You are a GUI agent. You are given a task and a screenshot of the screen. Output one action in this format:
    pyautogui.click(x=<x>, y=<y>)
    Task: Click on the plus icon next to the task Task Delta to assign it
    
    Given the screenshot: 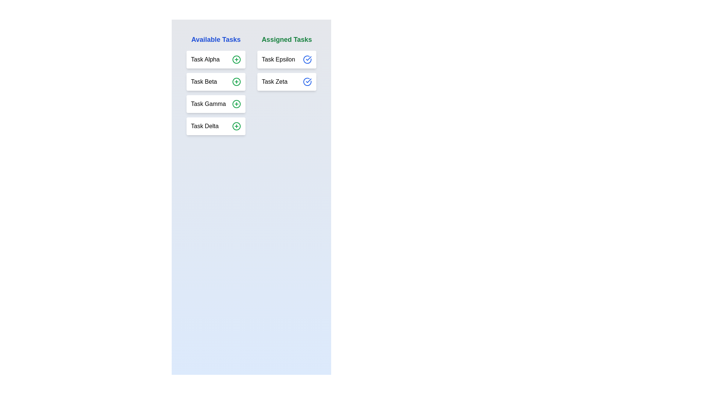 What is the action you would take?
    pyautogui.click(x=236, y=126)
    